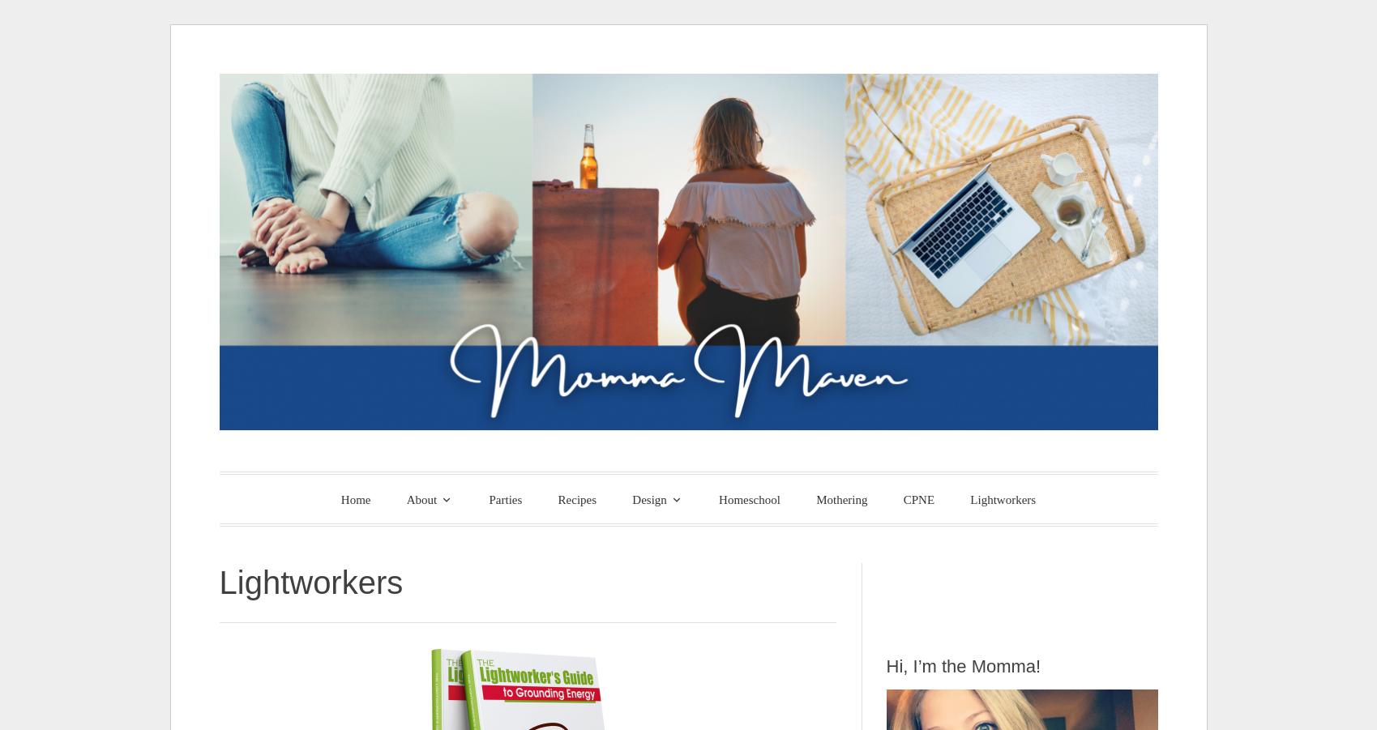 Image resolution: width=1377 pixels, height=730 pixels. Describe the element at coordinates (841, 498) in the screenshot. I see `'Mothering'` at that location.